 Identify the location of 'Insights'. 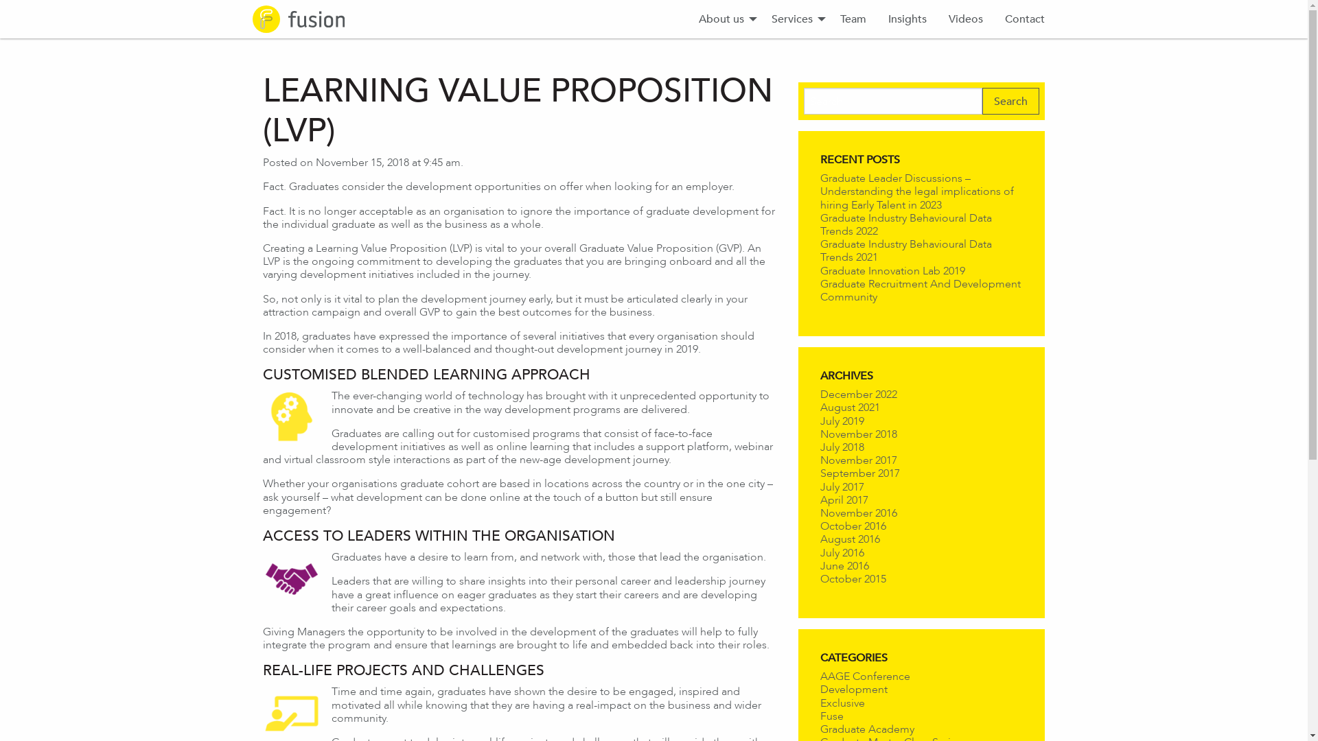
(876, 19).